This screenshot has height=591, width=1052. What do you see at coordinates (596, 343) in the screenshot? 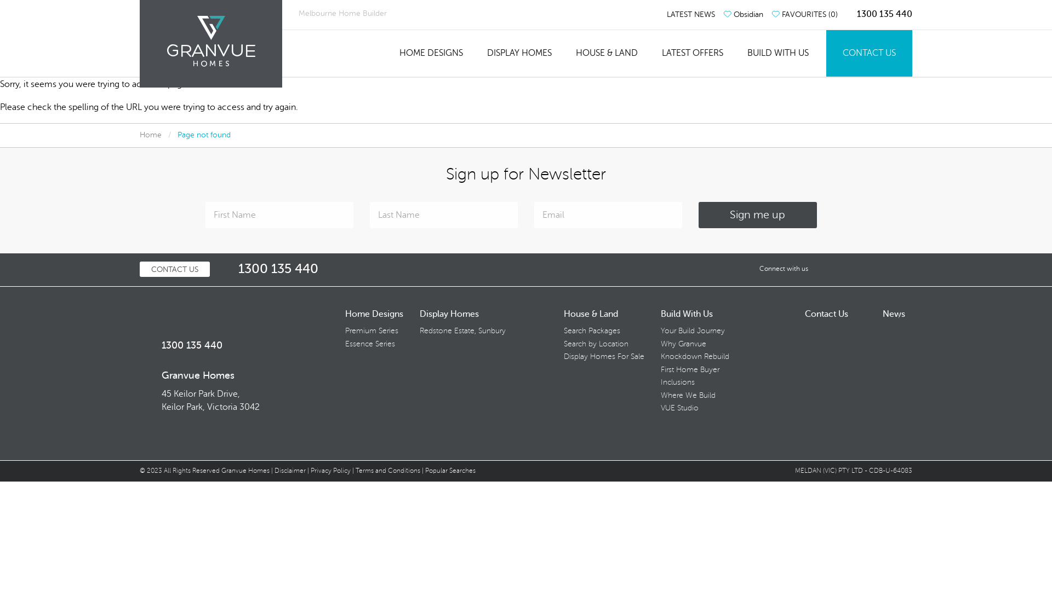
I see `'Search by Location'` at bounding box center [596, 343].